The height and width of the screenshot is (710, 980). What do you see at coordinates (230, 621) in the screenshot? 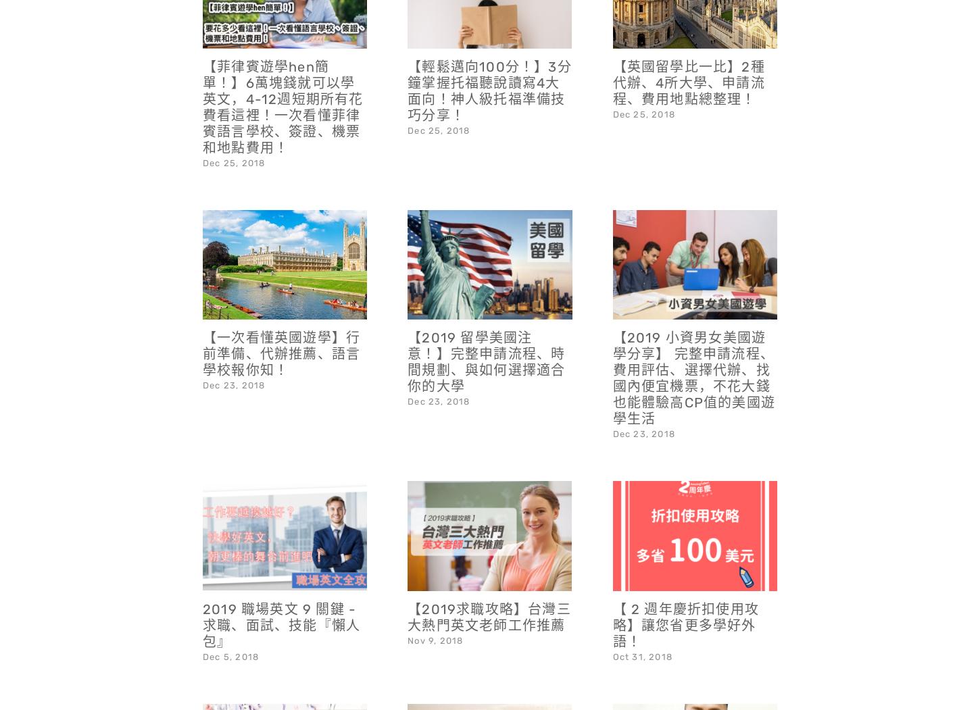
I see `'Dec 5, 2018'` at bounding box center [230, 621].